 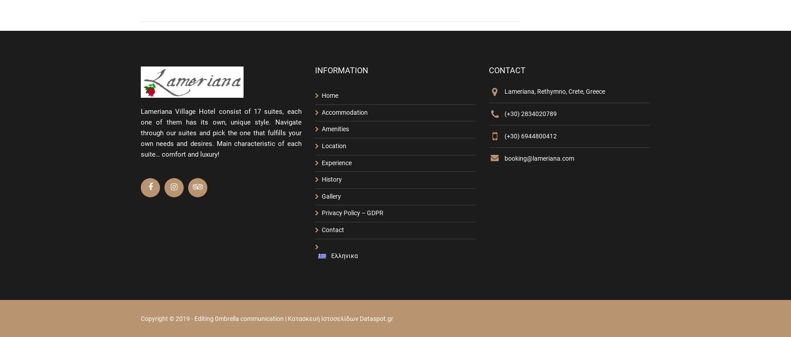 What do you see at coordinates (329, 95) in the screenshot?
I see `'Home'` at bounding box center [329, 95].